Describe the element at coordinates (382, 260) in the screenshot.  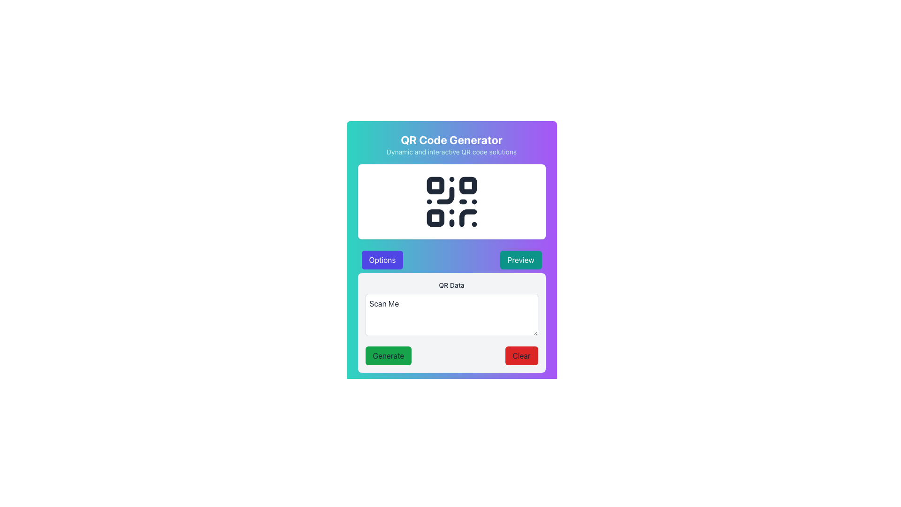
I see `the 'Options' button, which is styled with a solid indigo background and white text` at that location.